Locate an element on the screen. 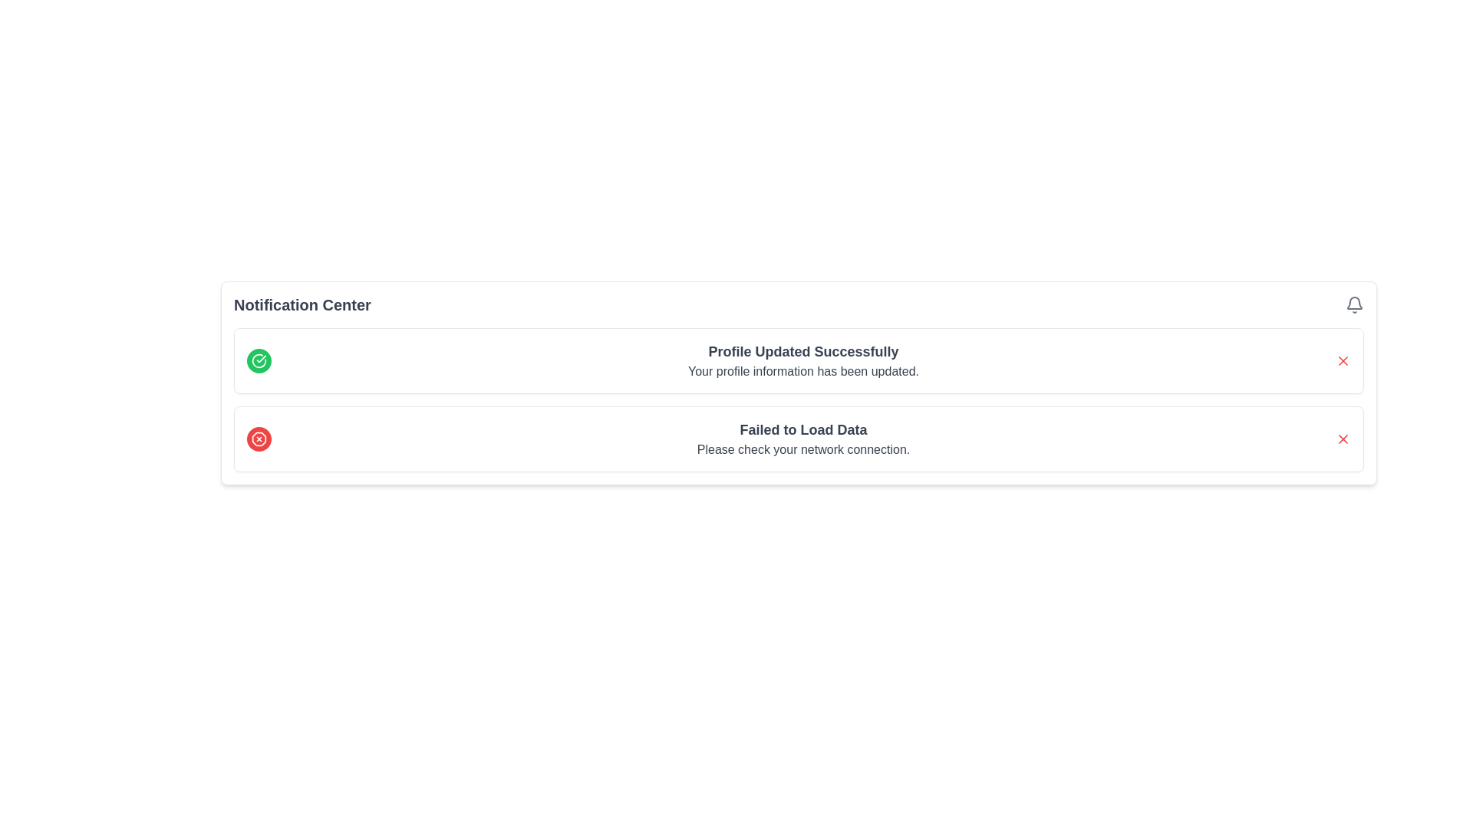 The width and height of the screenshot is (1473, 828). the text label displaying 'Profile Updated Successfully' is located at coordinates (802, 352).